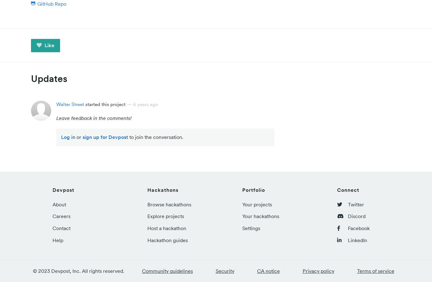 The image size is (432, 282). I want to click on 'Discord', so click(356, 216).